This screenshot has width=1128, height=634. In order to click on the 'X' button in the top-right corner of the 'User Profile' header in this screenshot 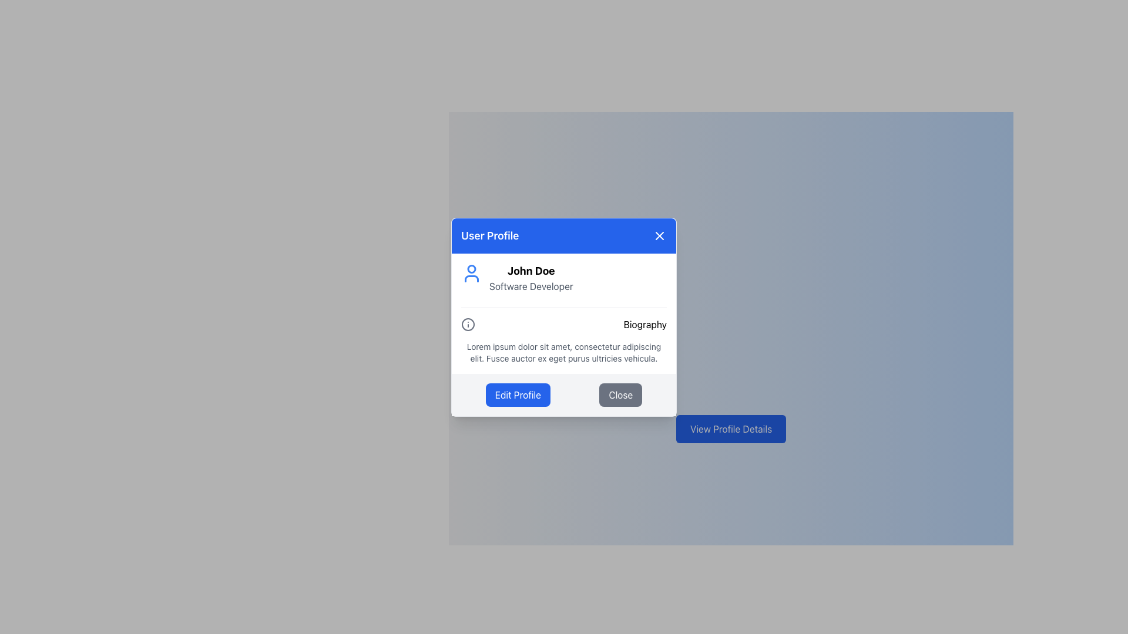, I will do `click(660, 235)`.